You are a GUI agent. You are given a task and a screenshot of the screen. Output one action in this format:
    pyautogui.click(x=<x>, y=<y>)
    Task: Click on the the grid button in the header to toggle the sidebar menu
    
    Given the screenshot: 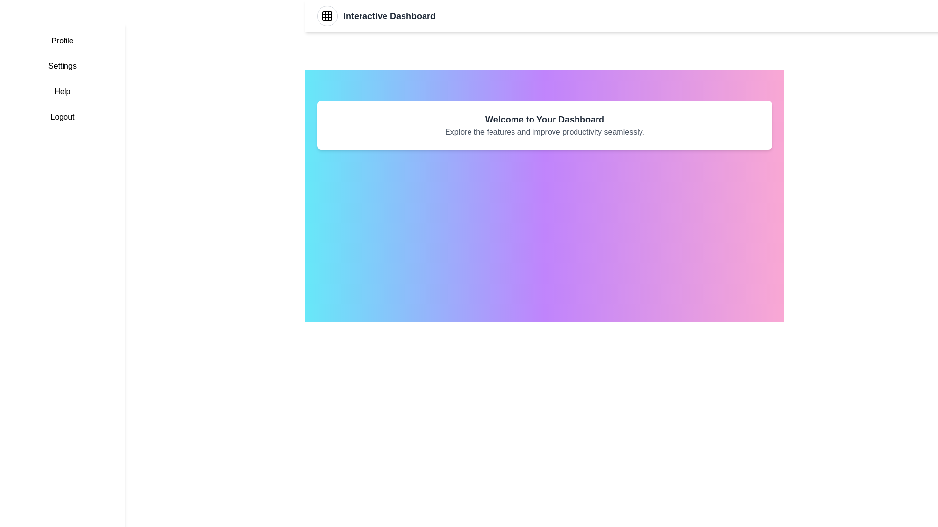 What is the action you would take?
    pyautogui.click(x=327, y=16)
    